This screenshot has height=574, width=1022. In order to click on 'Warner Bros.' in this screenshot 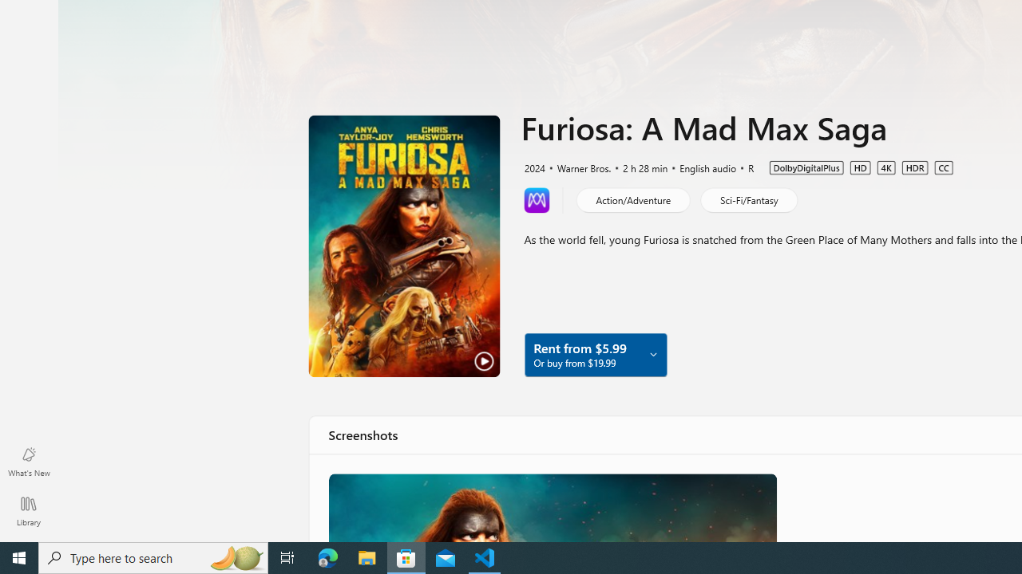, I will do `click(576, 167)`.